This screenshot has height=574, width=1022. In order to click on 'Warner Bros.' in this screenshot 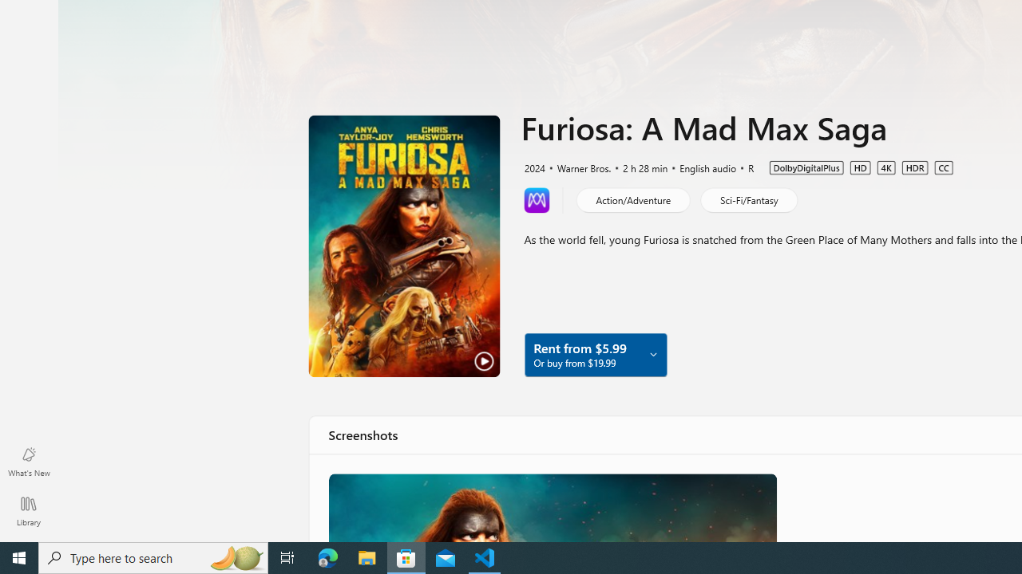, I will do `click(576, 167)`.